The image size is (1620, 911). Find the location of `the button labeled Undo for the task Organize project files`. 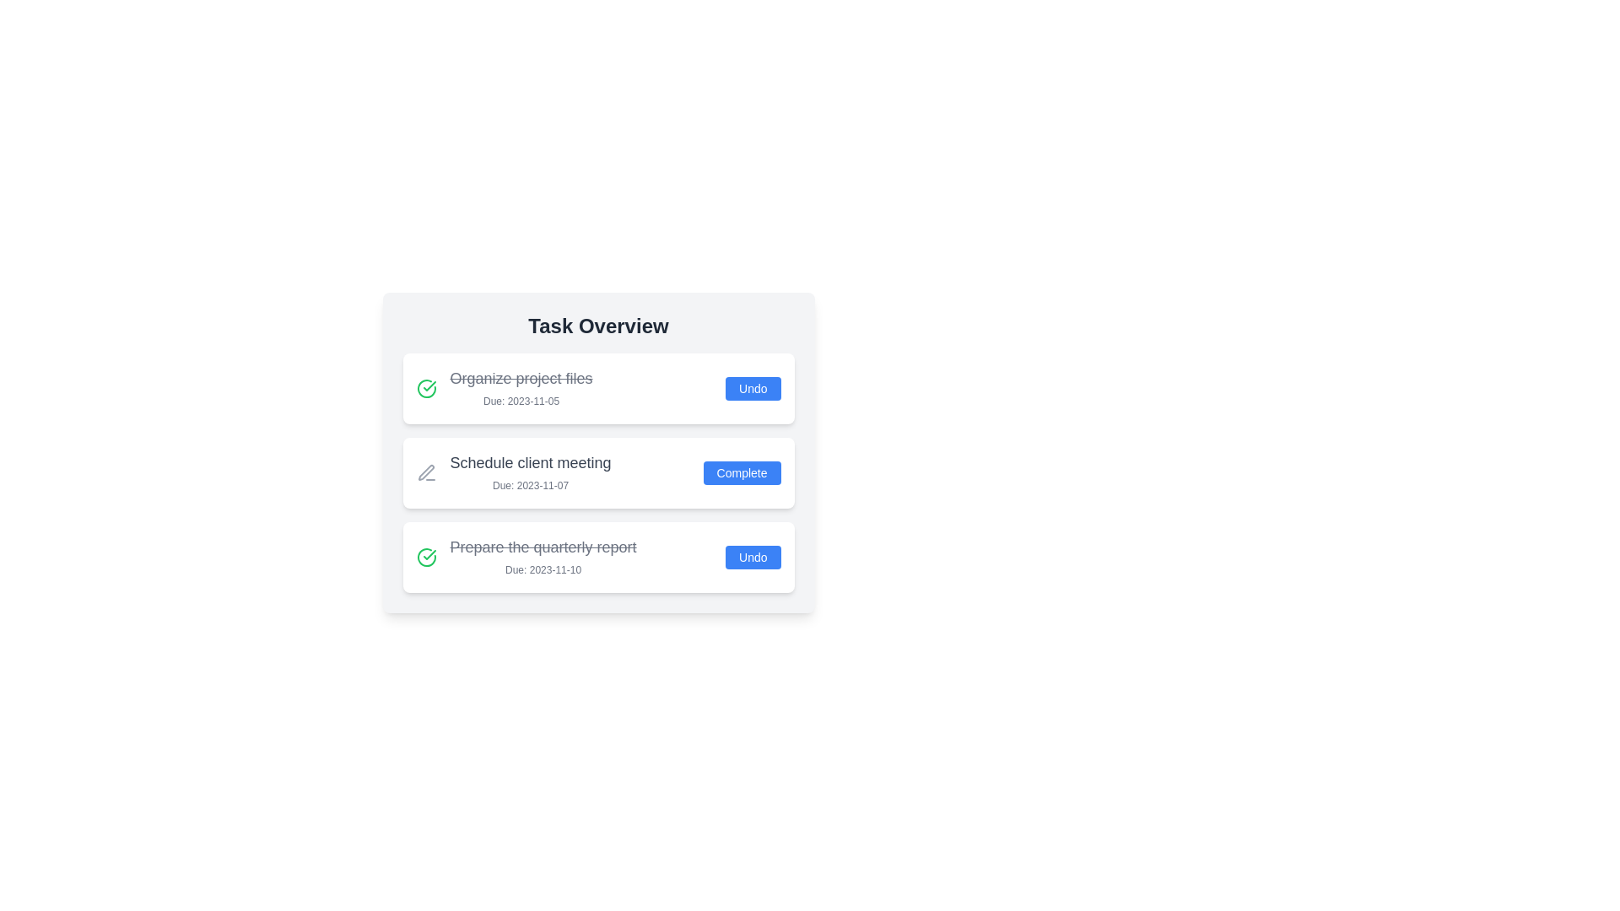

the button labeled Undo for the task Organize project files is located at coordinates (752, 389).